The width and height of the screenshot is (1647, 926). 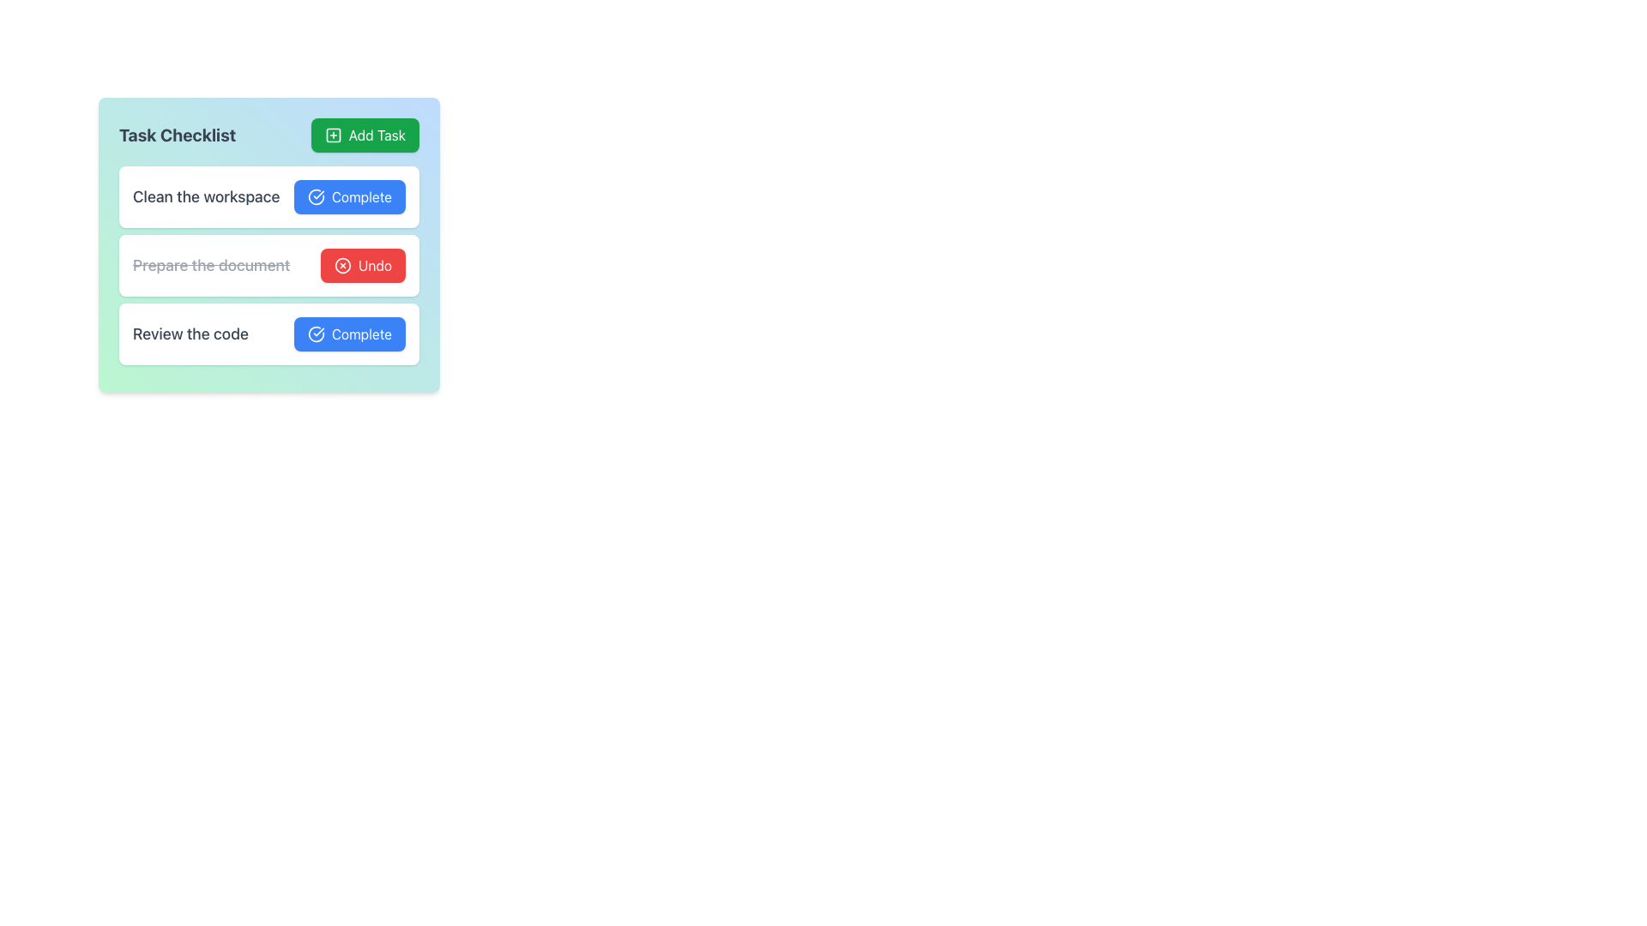 What do you see at coordinates (374, 265) in the screenshot?
I see `text label indicating the 'Undo' action, which is part of the button next to the task 'Prepare the document' in the task management system interface` at bounding box center [374, 265].